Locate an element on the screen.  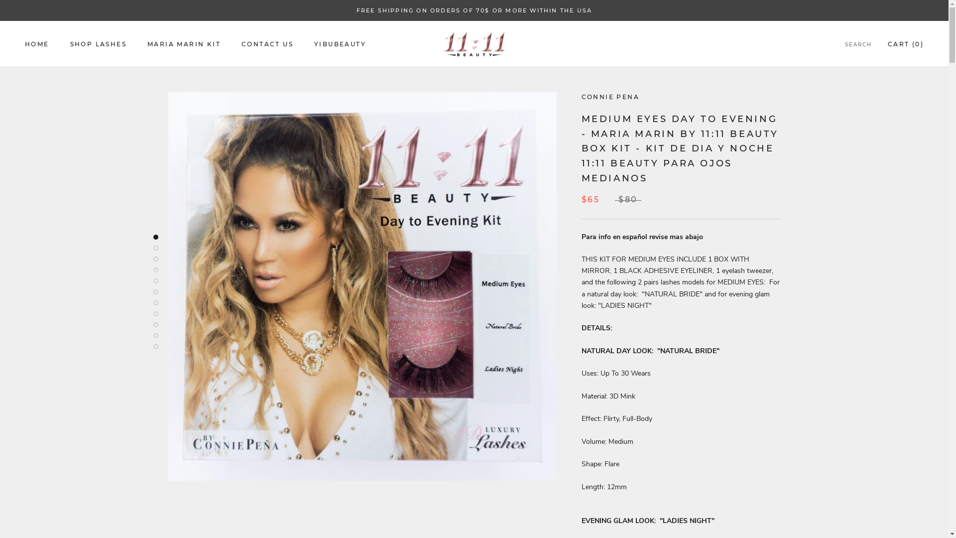
'CONTACT US' is located at coordinates (267, 43).